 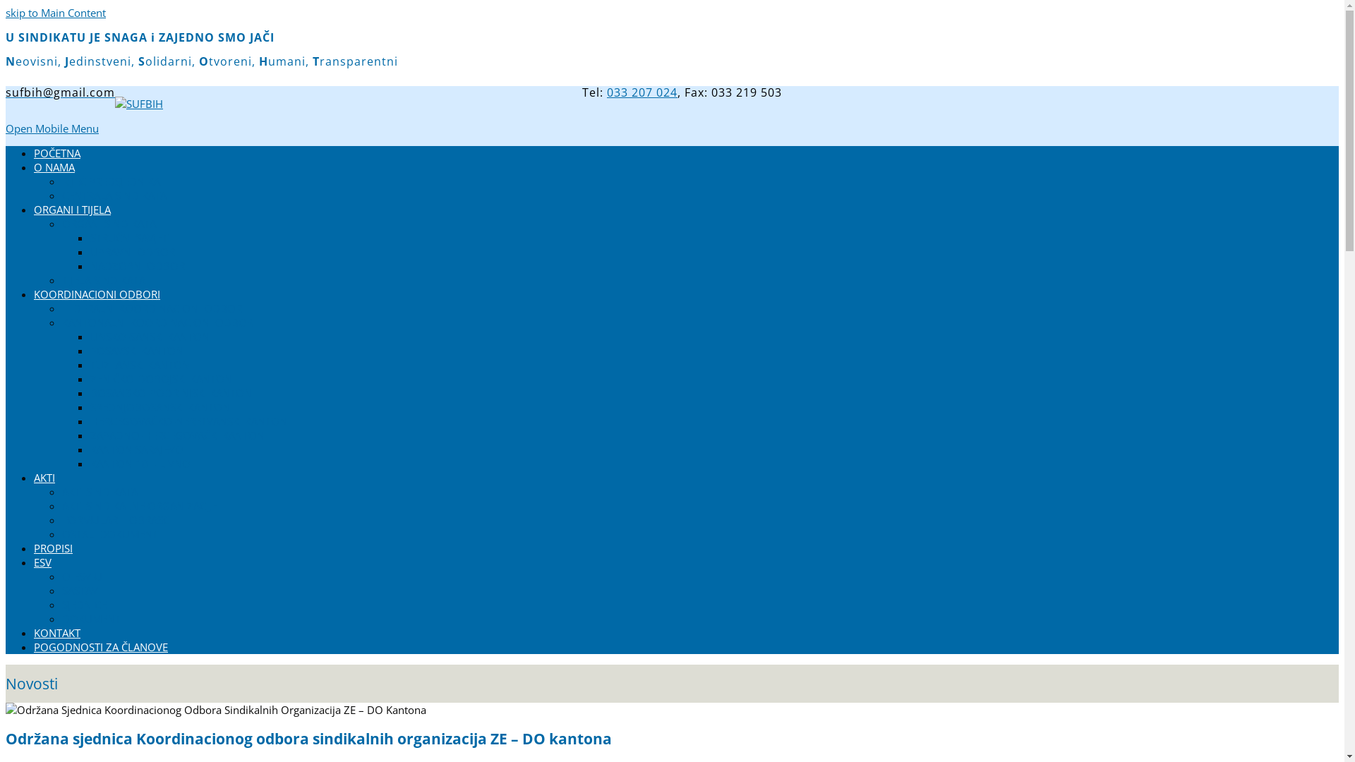 What do you see at coordinates (34, 166) in the screenshot?
I see `'O NAMA'` at bounding box center [34, 166].